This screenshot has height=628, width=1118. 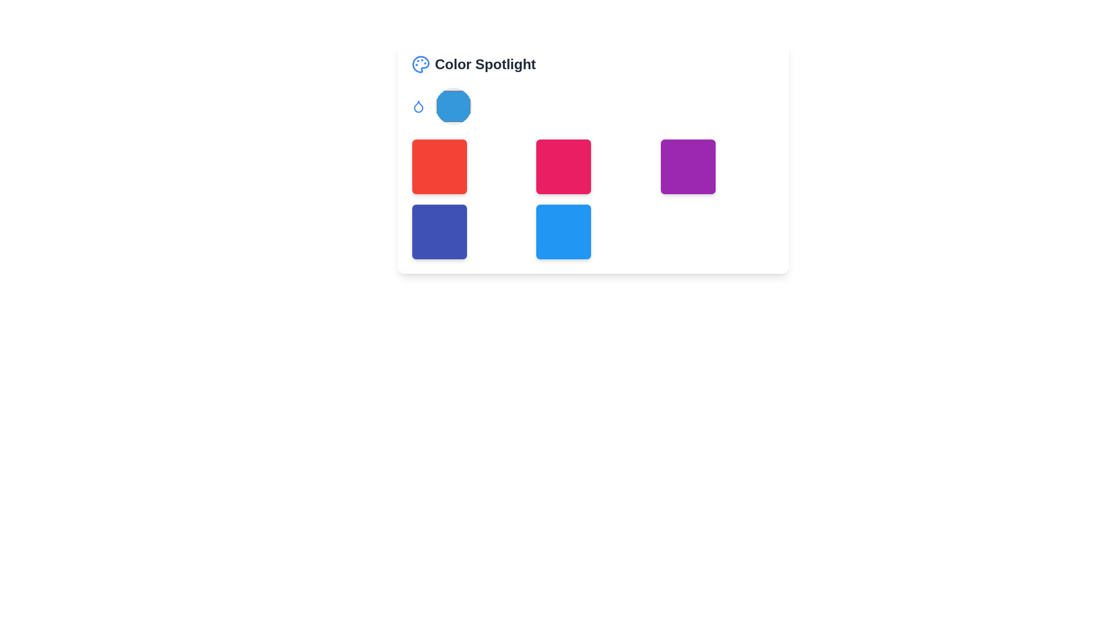 What do you see at coordinates (564, 231) in the screenshot?
I see `the vibrant blue decorative block located in the second row, second column of the grid layout` at bounding box center [564, 231].